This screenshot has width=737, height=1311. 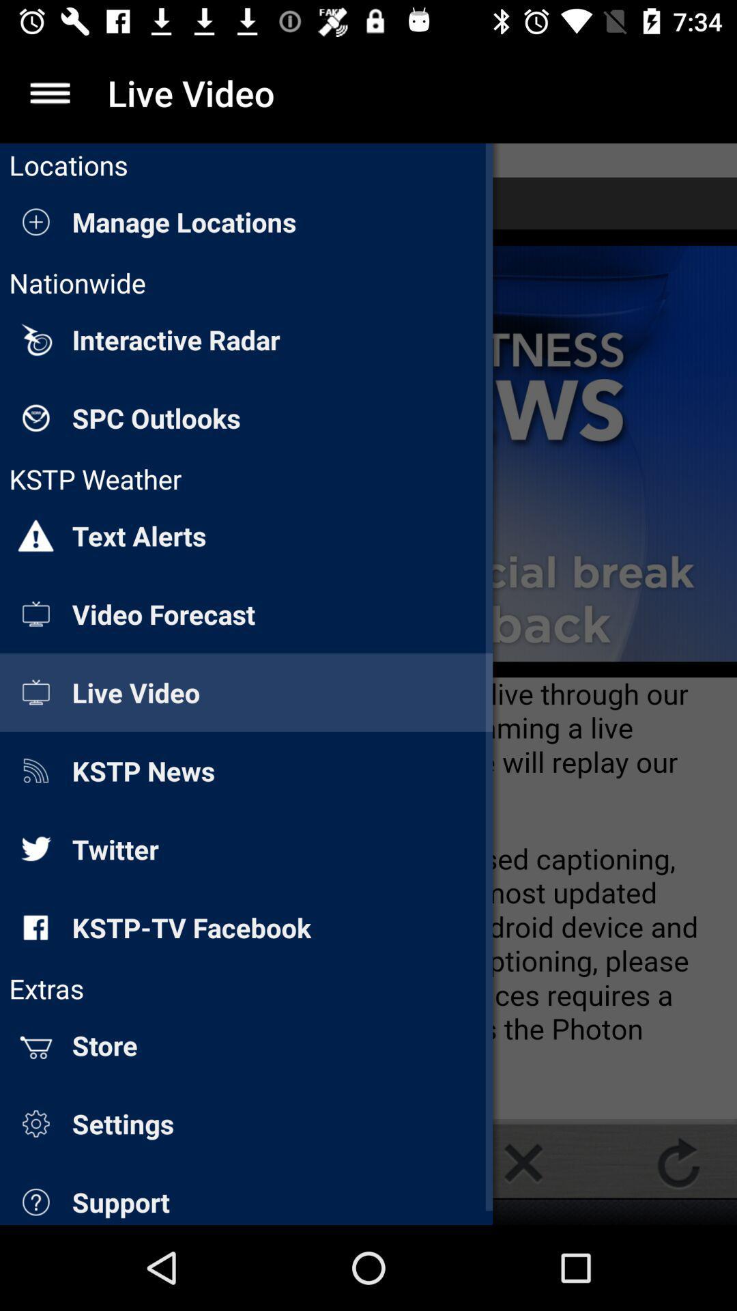 What do you see at coordinates (523, 1162) in the screenshot?
I see `the close icon` at bounding box center [523, 1162].